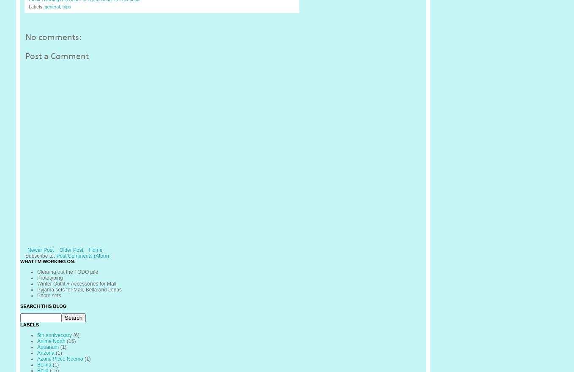 The image size is (574, 372). I want to click on 'Labels', so click(29, 324).